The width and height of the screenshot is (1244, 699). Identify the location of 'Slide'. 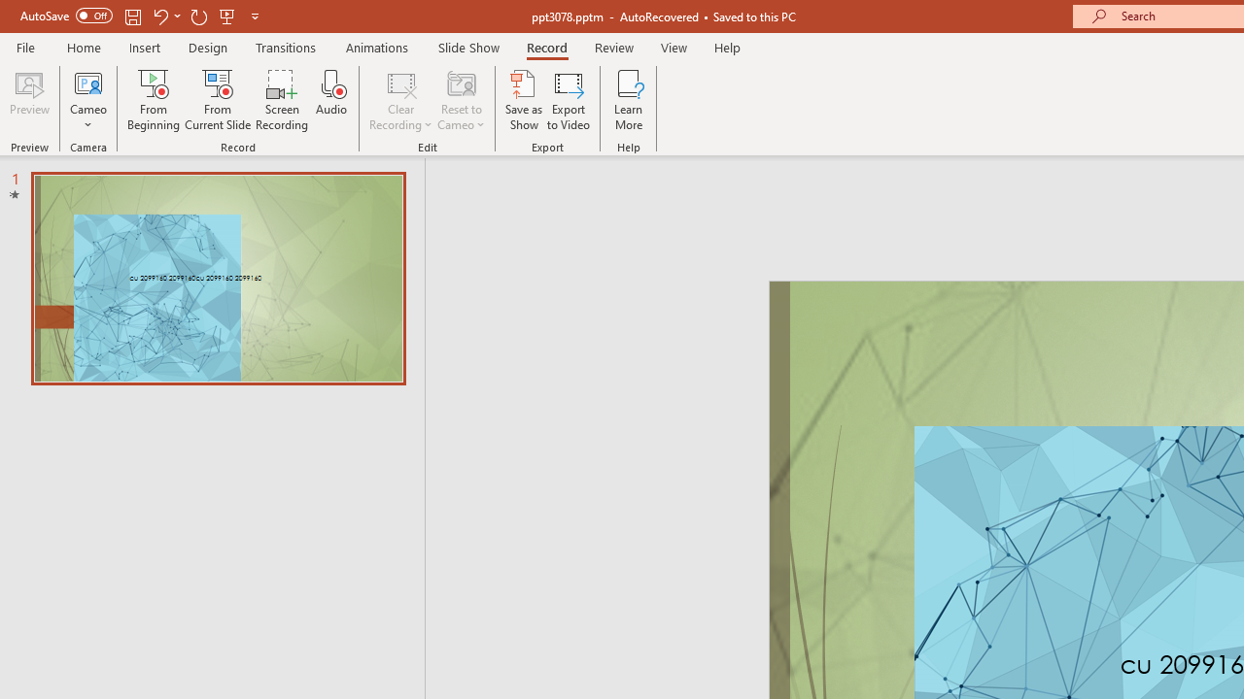
(218, 278).